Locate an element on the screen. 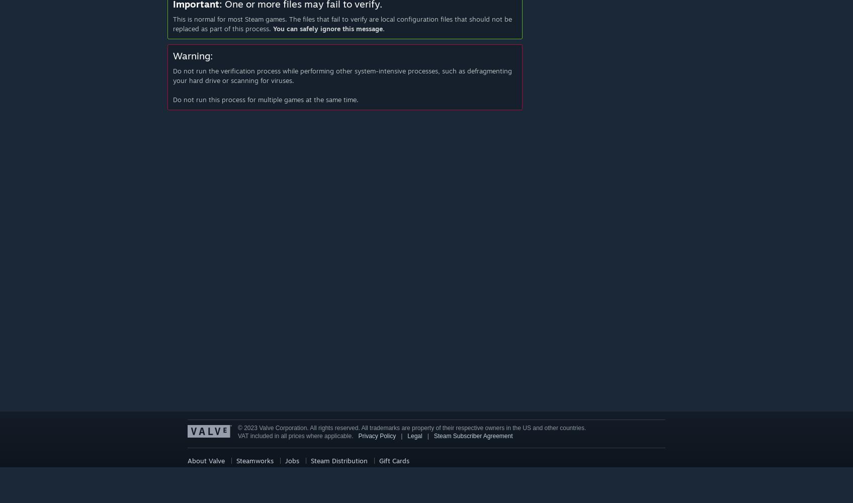 The height and width of the screenshot is (503, 853). '© 2023 Valve Corporation.  All rights reserved.  All trademarks are property of their respective owners in the US and other countries.' is located at coordinates (411, 428).